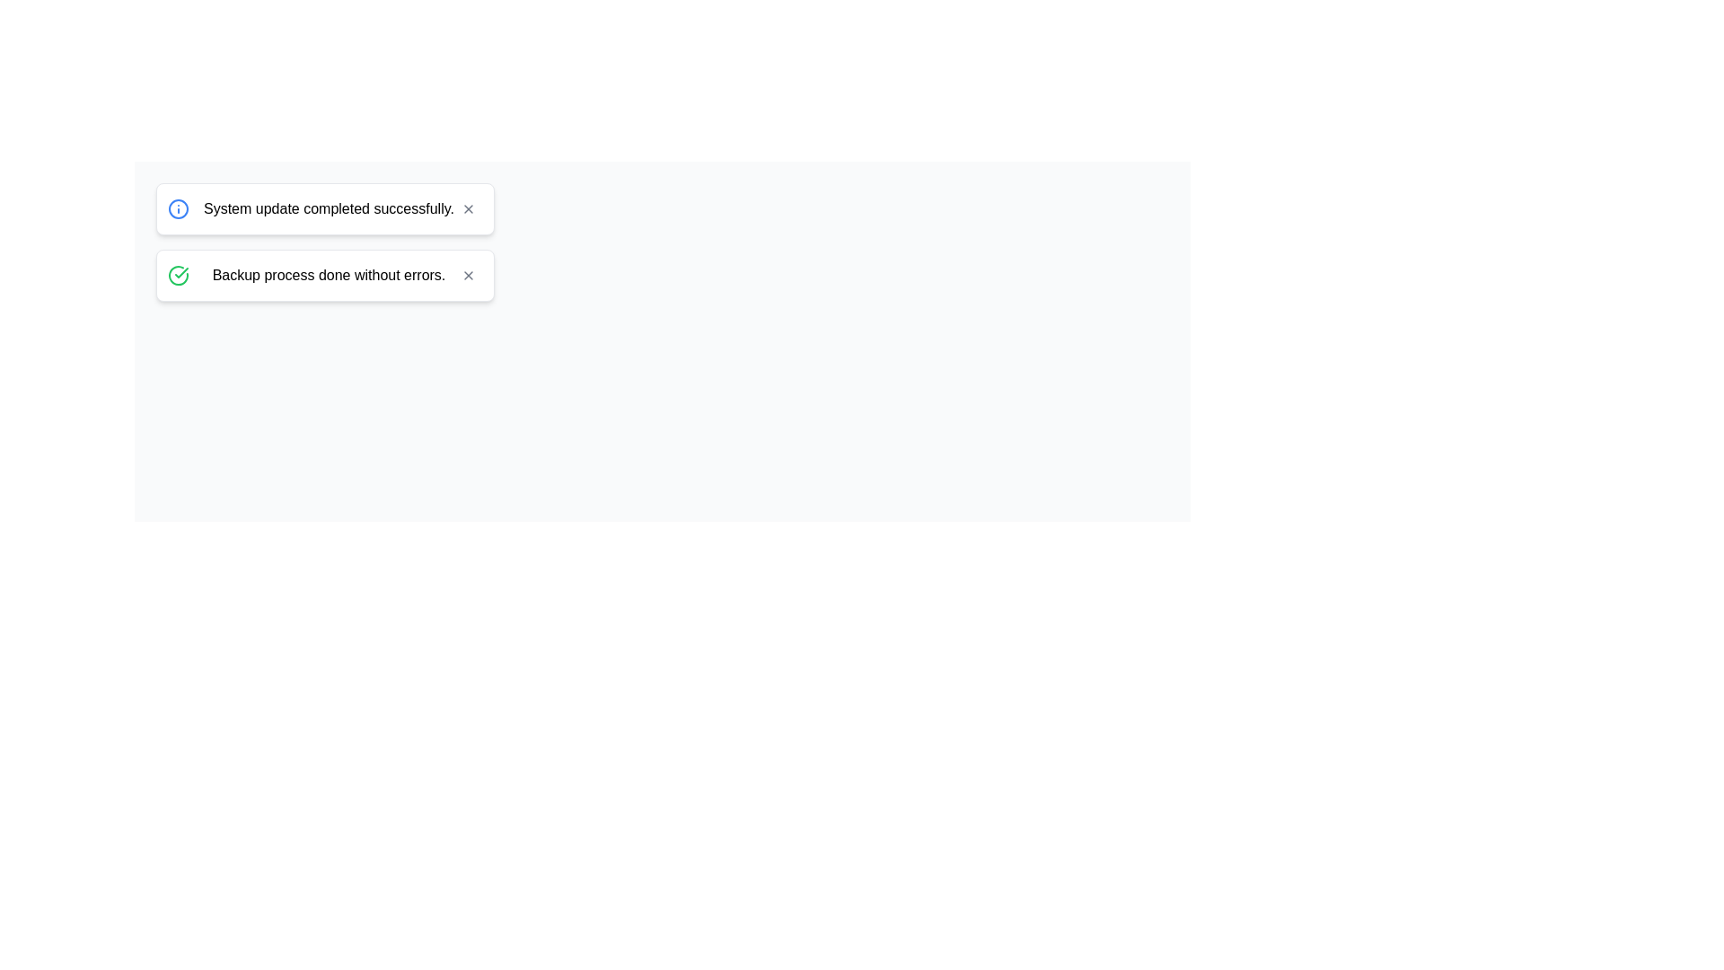  Describe the element at coordinates (178, 207) in the screenshot. I see `the decorative circular element that is part of the information icon located in the upper notification box, which indicates the status of 'System update completed successfully.'` at that location.